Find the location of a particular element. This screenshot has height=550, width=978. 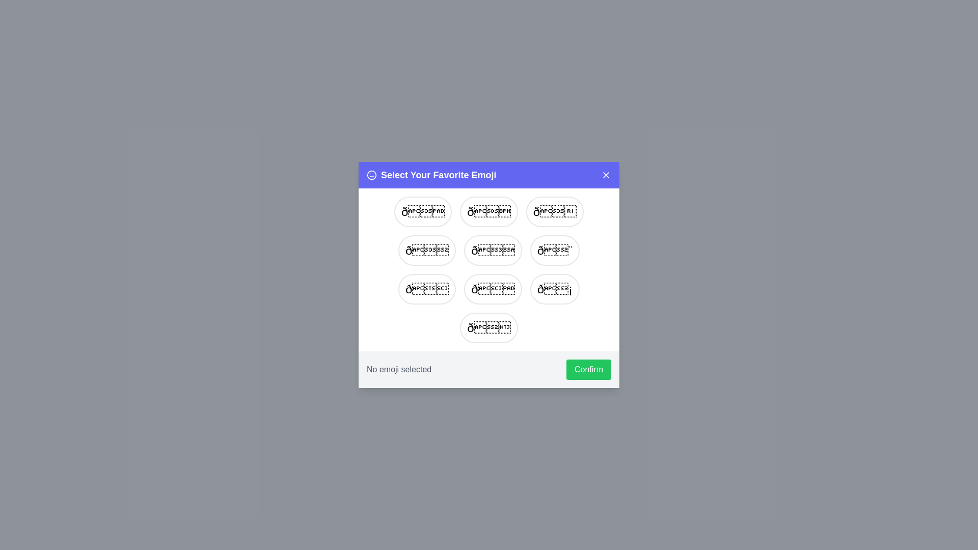

the emoji 📚 from the list is located at coordinates (427, 289).